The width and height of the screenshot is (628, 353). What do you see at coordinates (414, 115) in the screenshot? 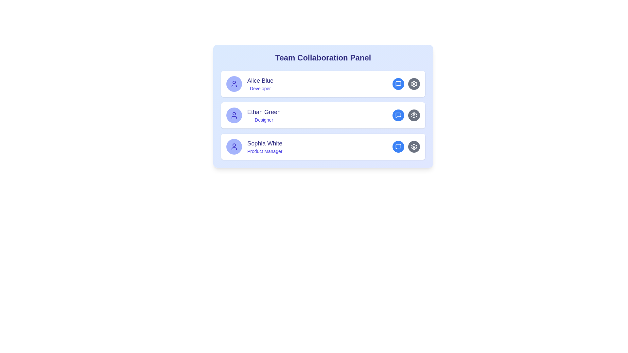
I see `the settings icon represented by a gear symbol, located in the second row of the user list panel to the far right of Ethan Green's row` at bounding box center [414, 115].